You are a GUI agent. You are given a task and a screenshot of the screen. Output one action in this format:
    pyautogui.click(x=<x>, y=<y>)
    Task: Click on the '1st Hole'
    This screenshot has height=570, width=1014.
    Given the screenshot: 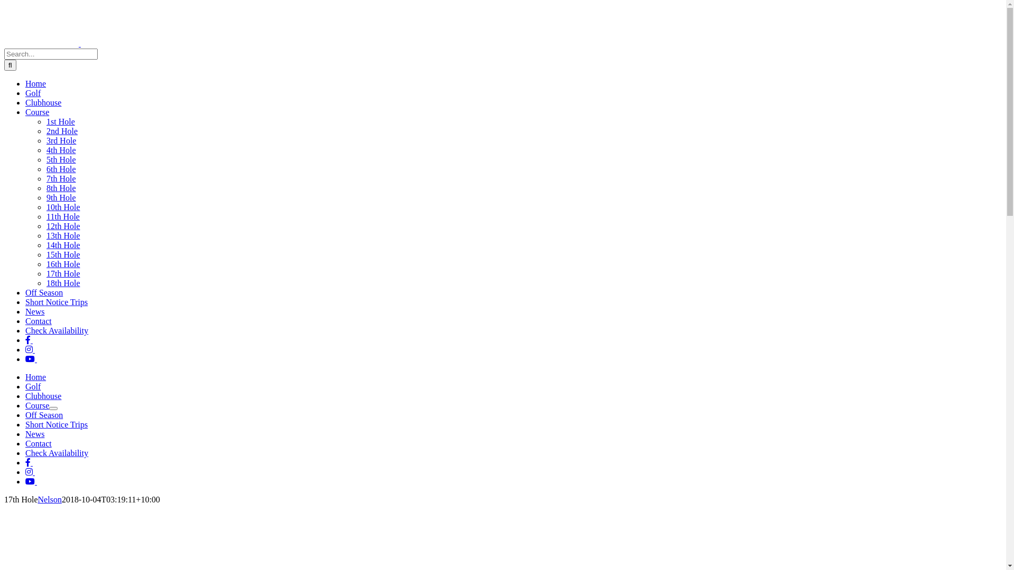 What is the action you would take?
    pyautogui.click(x=45, y=121)
    